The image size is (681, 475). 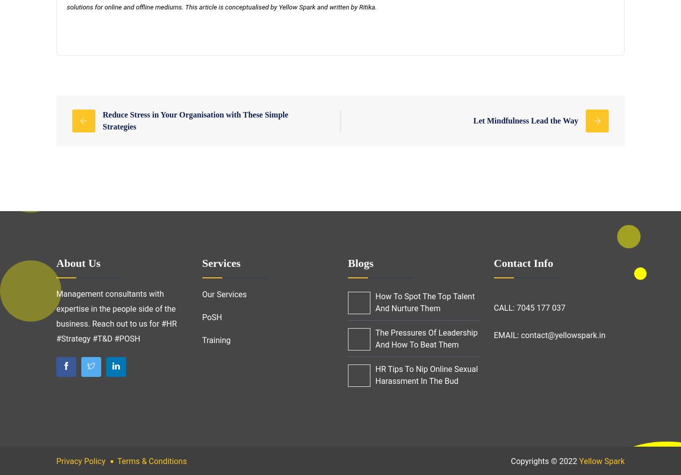 I want to click on 'HR Tips to Nip Online Sexual Harassment in the Bud', so click(x=426, y=375).